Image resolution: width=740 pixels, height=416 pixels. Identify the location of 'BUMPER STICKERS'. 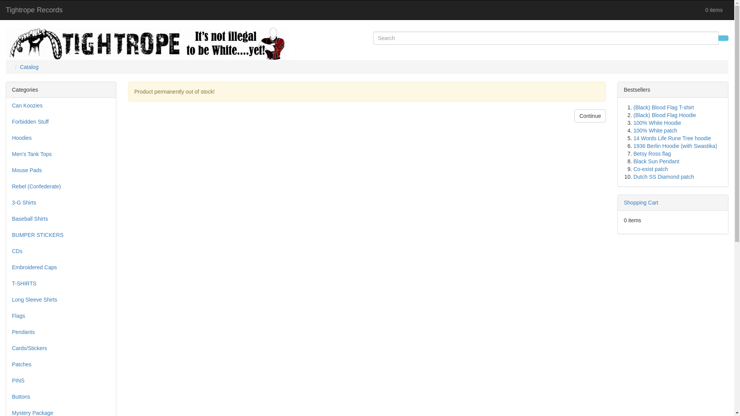
(61, 234).